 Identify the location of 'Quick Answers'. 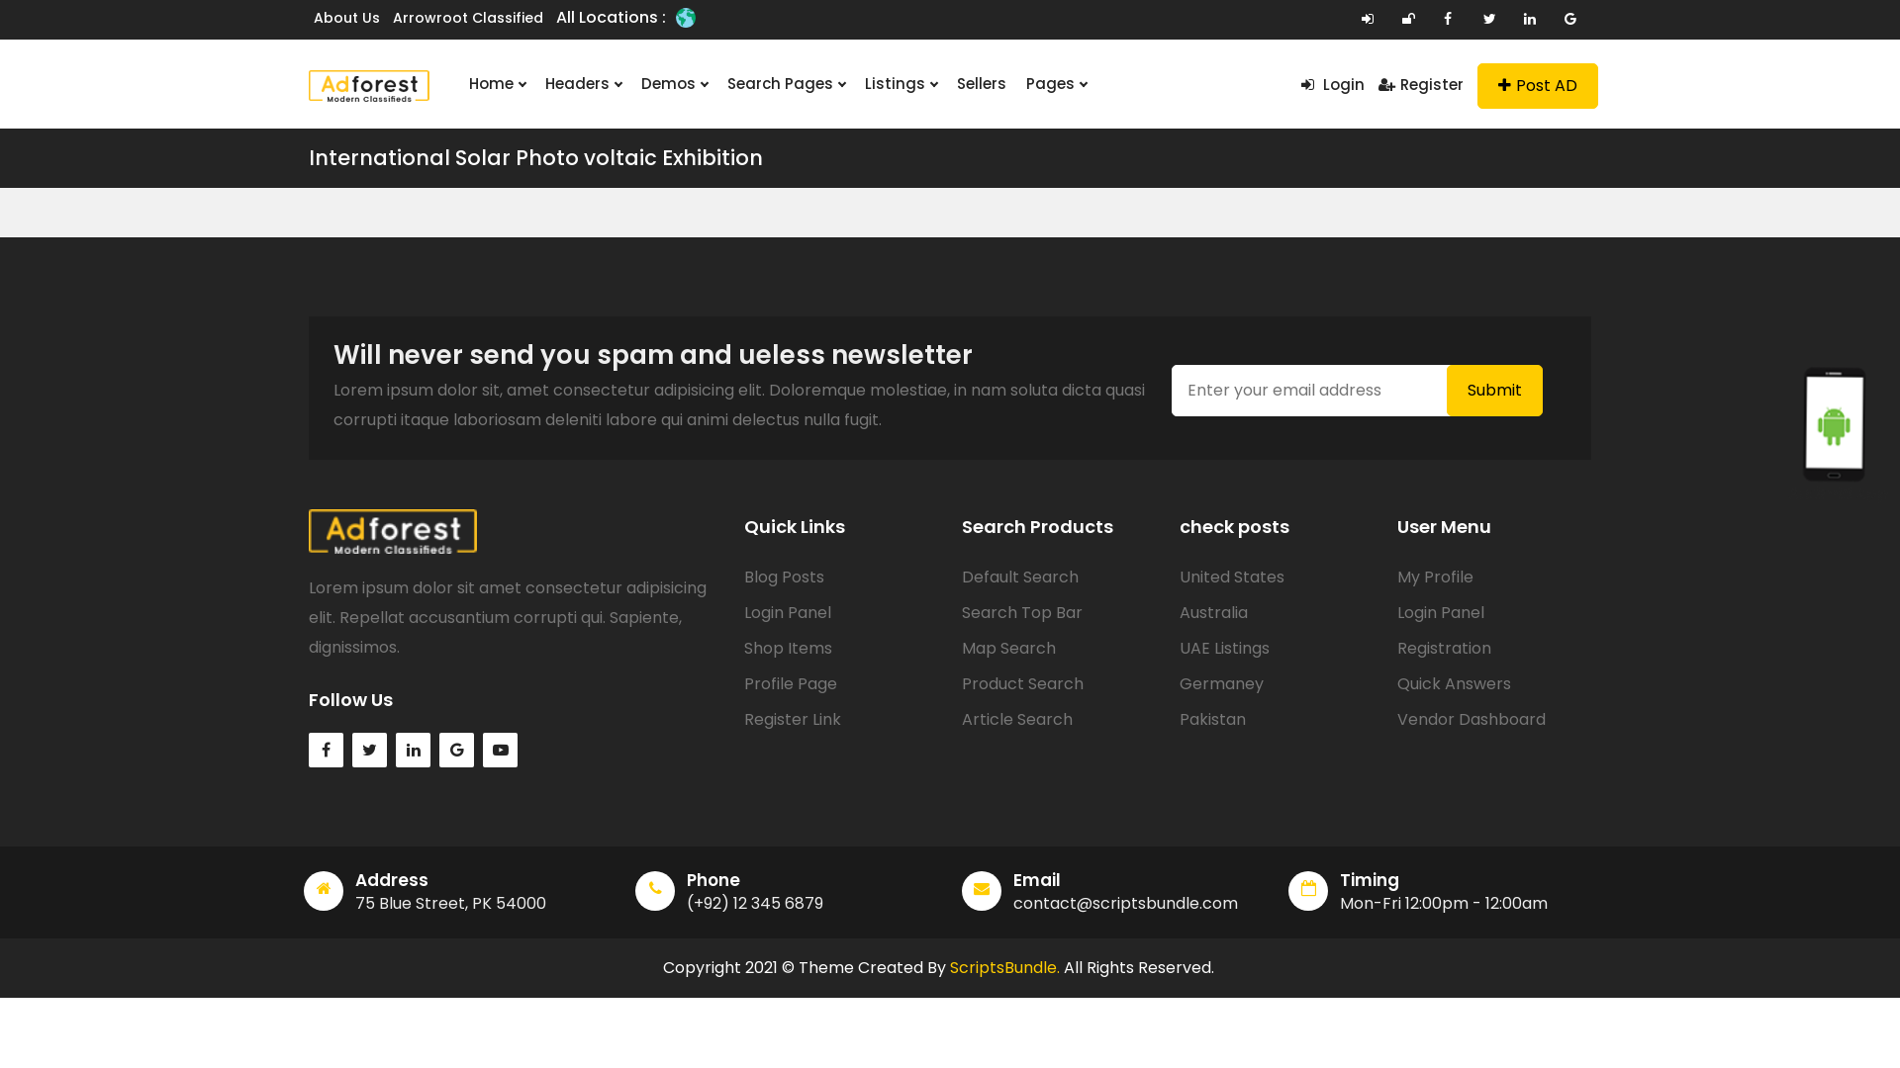
(1454, 682).